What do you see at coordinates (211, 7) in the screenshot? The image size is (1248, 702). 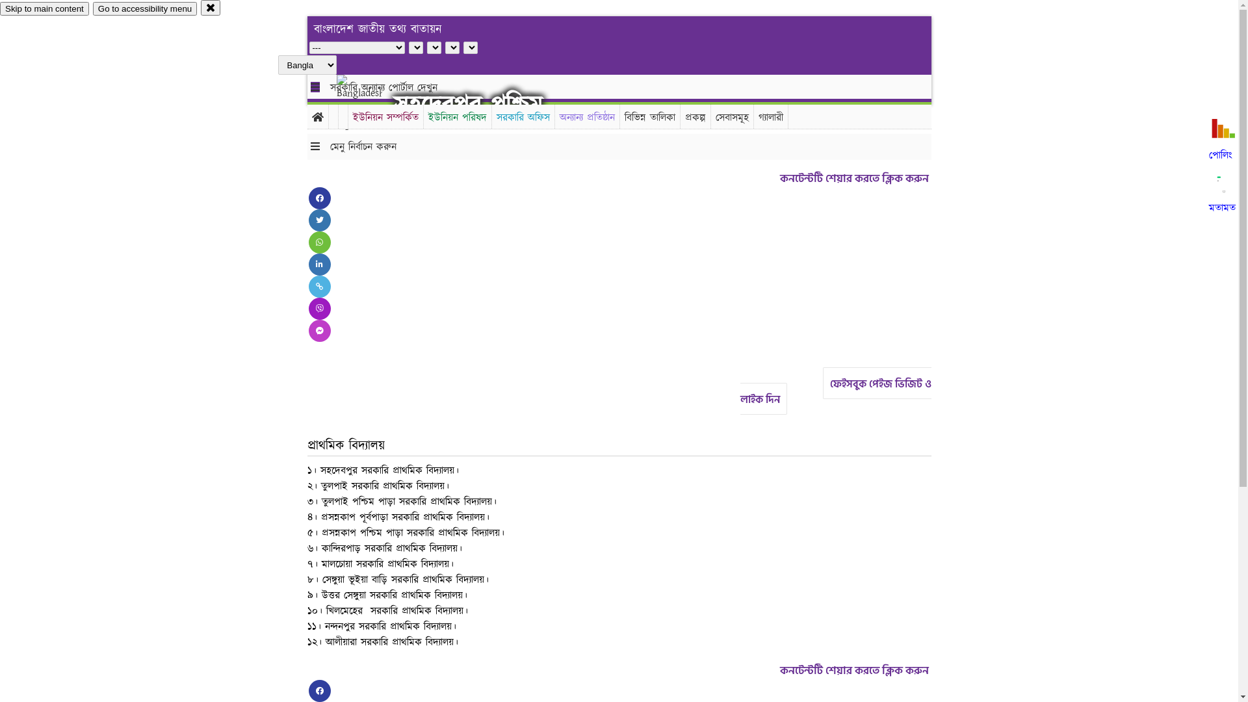 I see `'close'` at bounding box center [211, 7].